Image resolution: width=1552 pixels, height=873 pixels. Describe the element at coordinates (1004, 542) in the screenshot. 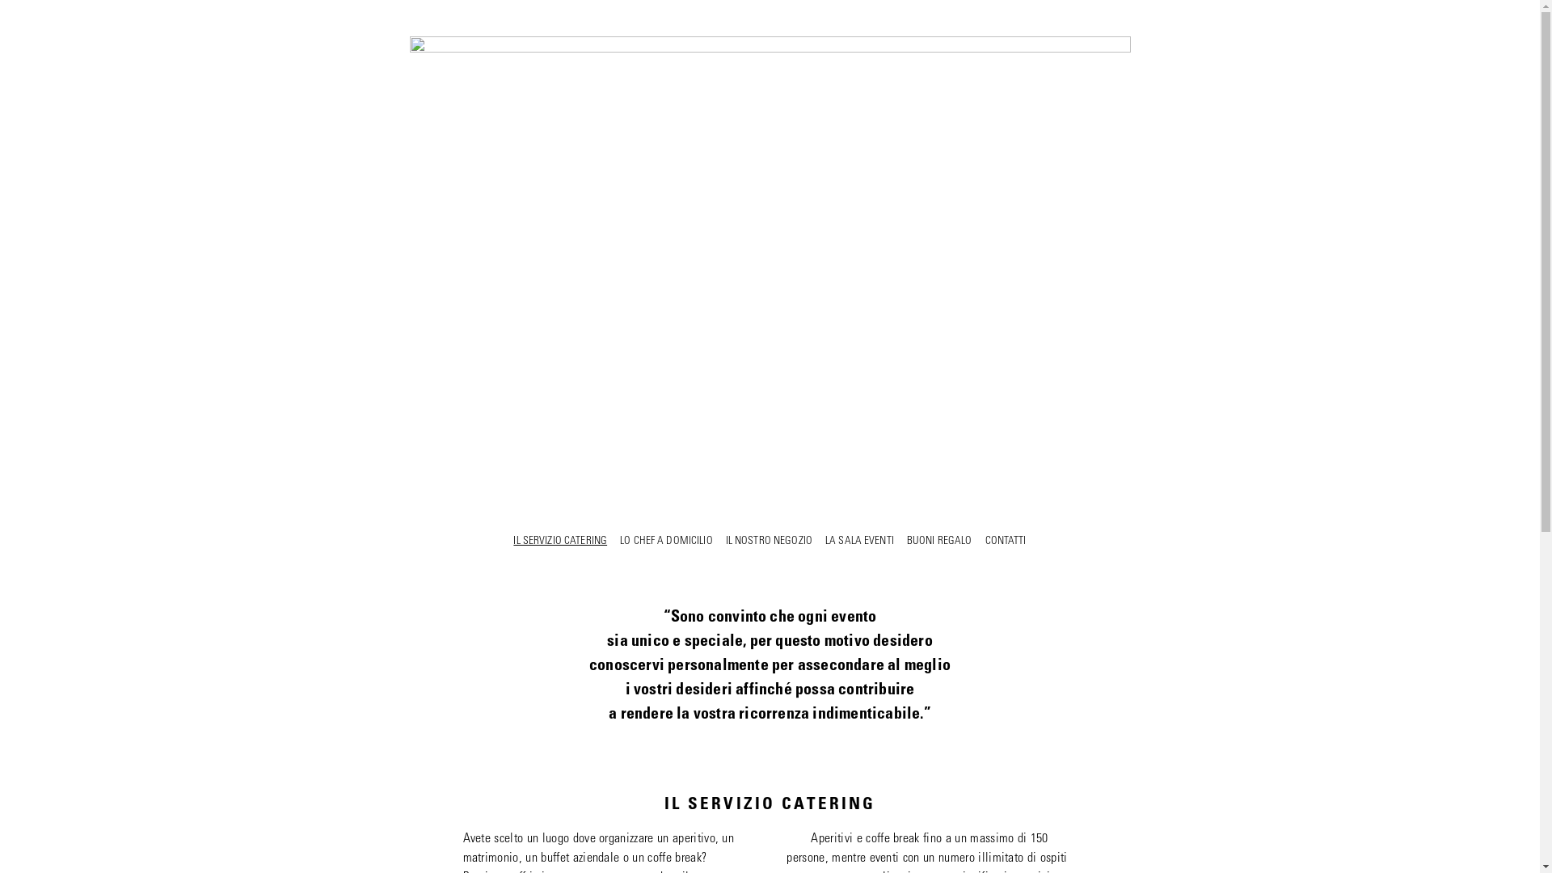

I see `'CONTATTI'` at that location.